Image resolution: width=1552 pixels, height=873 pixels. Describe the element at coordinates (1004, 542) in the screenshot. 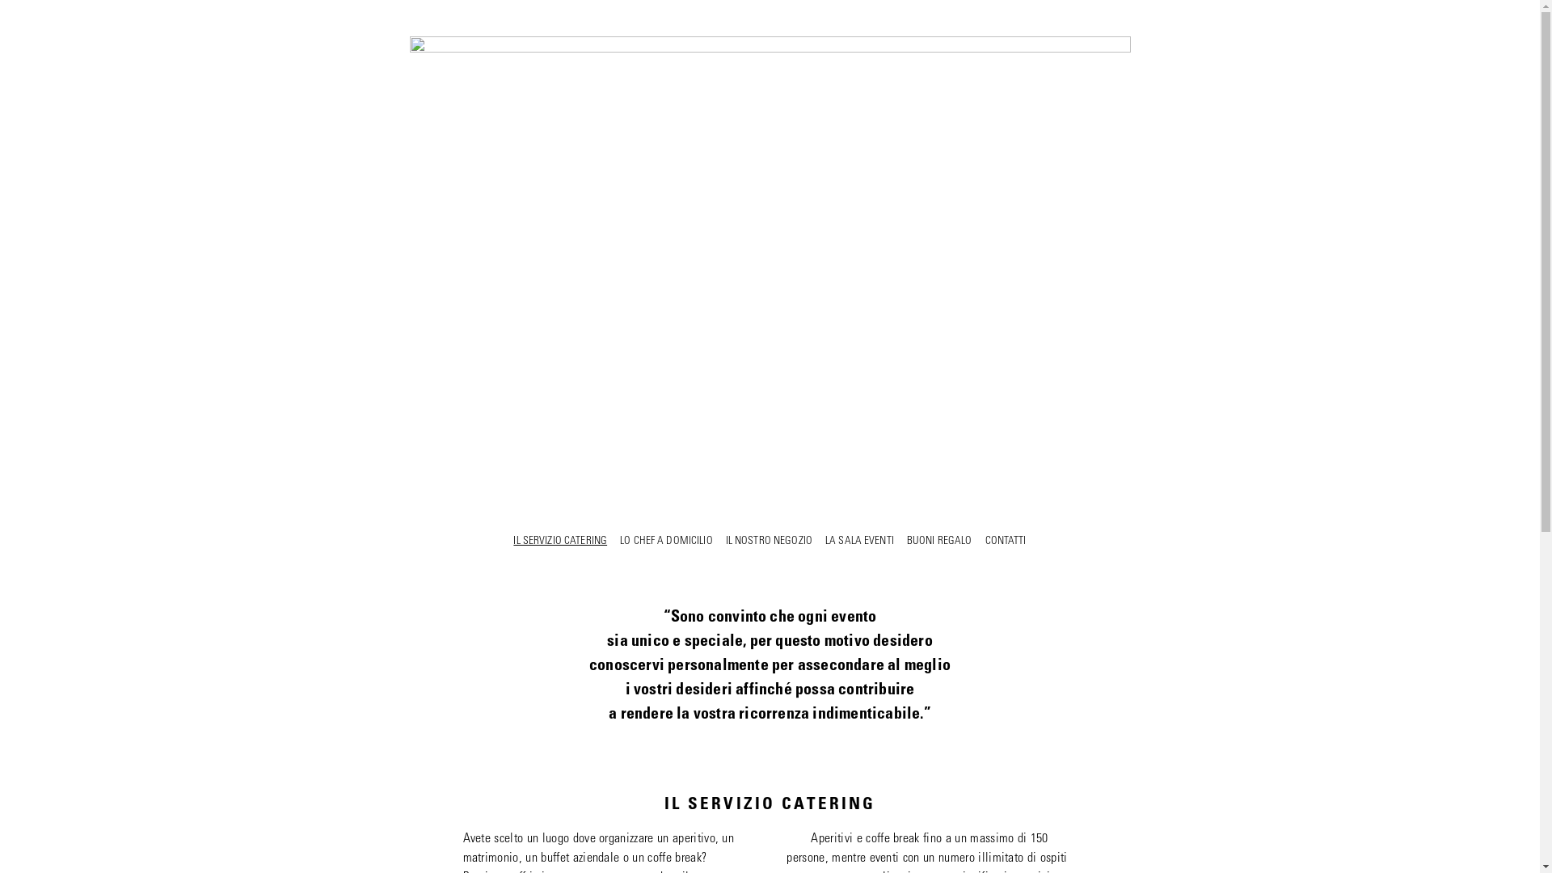

I see `'CONTATTI'` at that location.